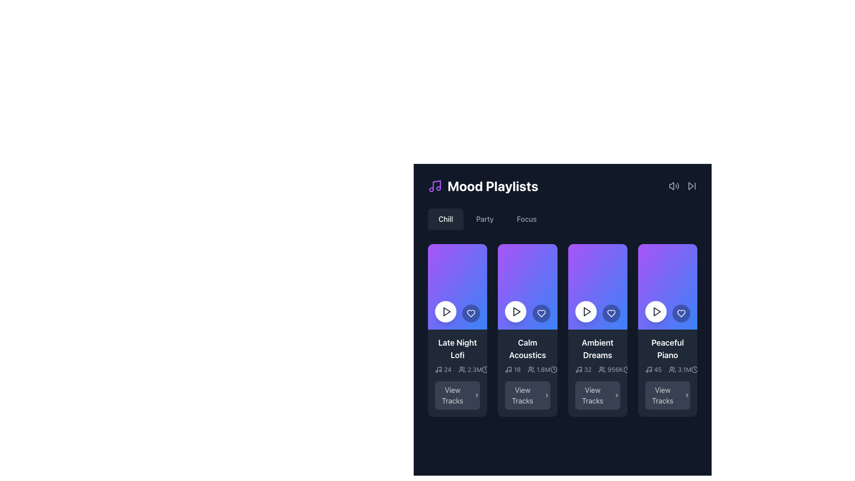 Image resolution: width=855 pixels, height=481 pixels. Describe the element at coordinates (586, 311) in the screenshot. I see `the play button located in the third card from the left in the horizontally-aligned playlist interface to activate hover animations` at that location.